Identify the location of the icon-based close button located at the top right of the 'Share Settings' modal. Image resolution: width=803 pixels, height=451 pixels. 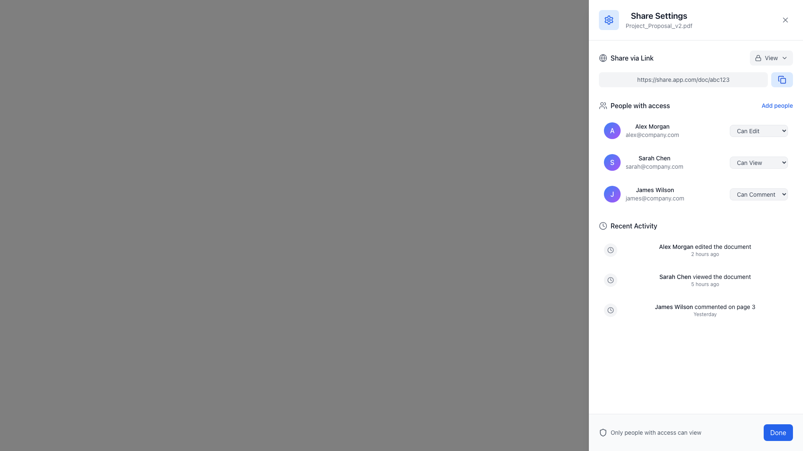
(785, 19).